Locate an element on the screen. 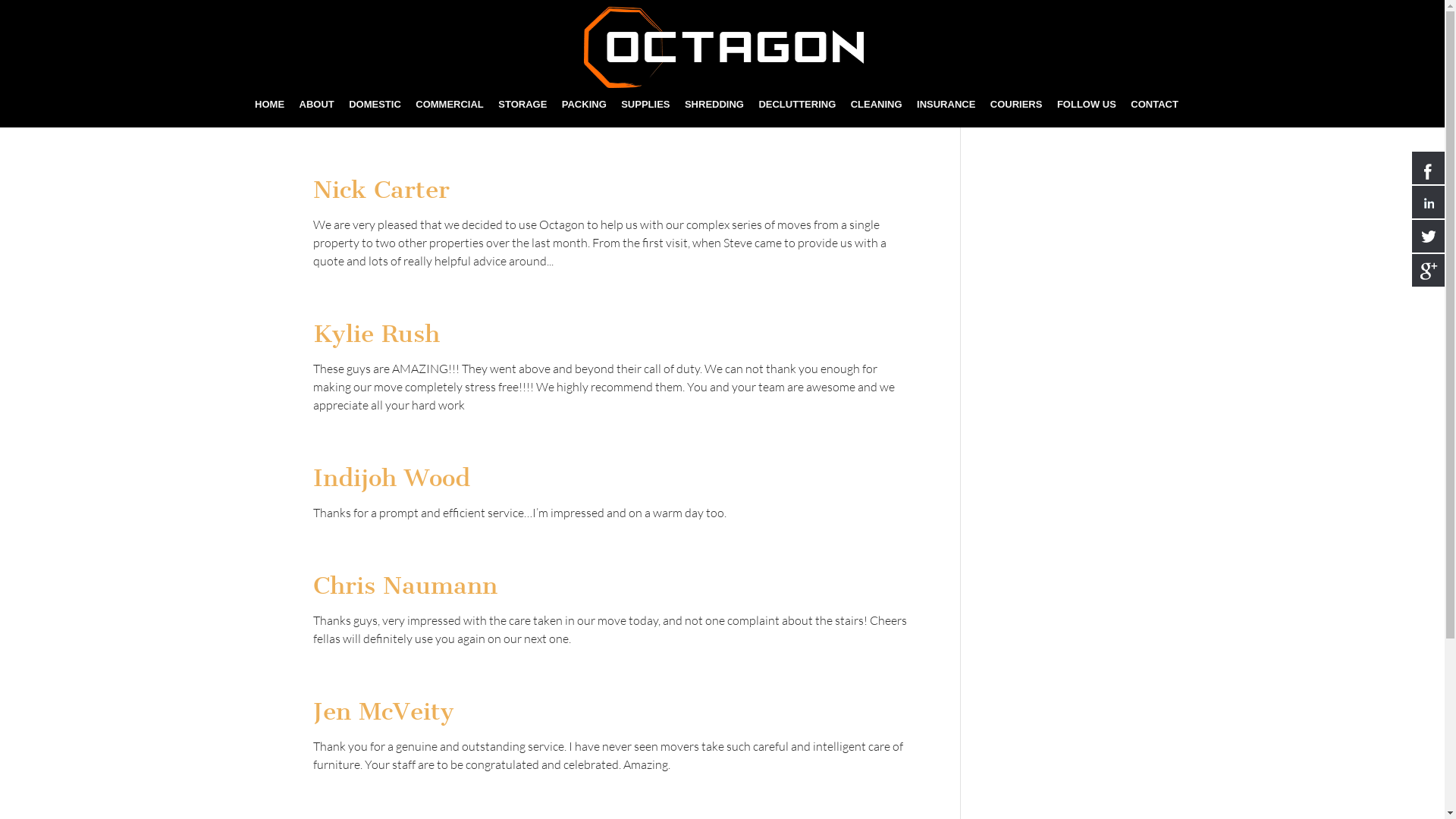  'PACKING' is located at coordinates (583, 112).